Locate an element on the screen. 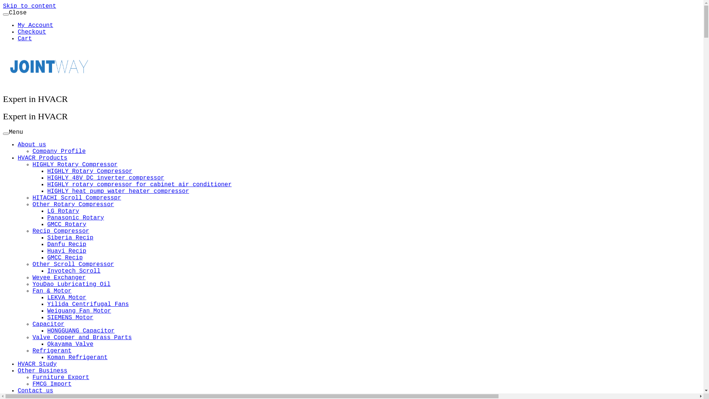 The height and width of the screenshot is (399, 709). 'Koman Refrigerant' is located at coordinates (77, 357).